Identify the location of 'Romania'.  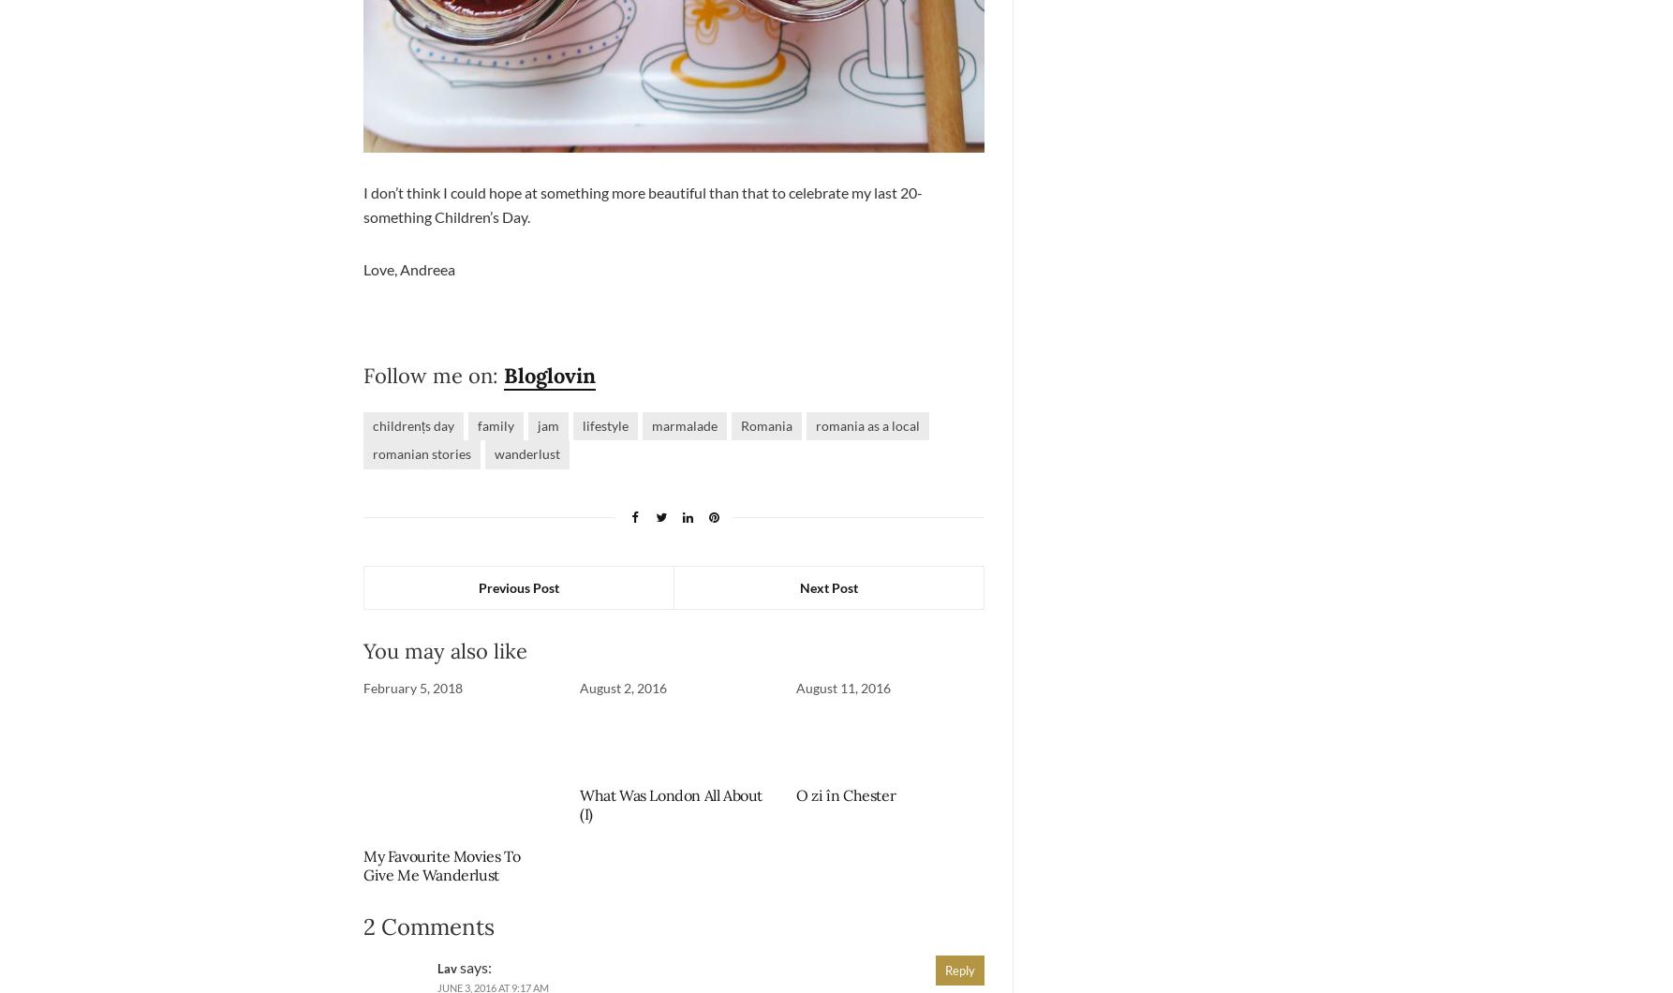
(764, 423).